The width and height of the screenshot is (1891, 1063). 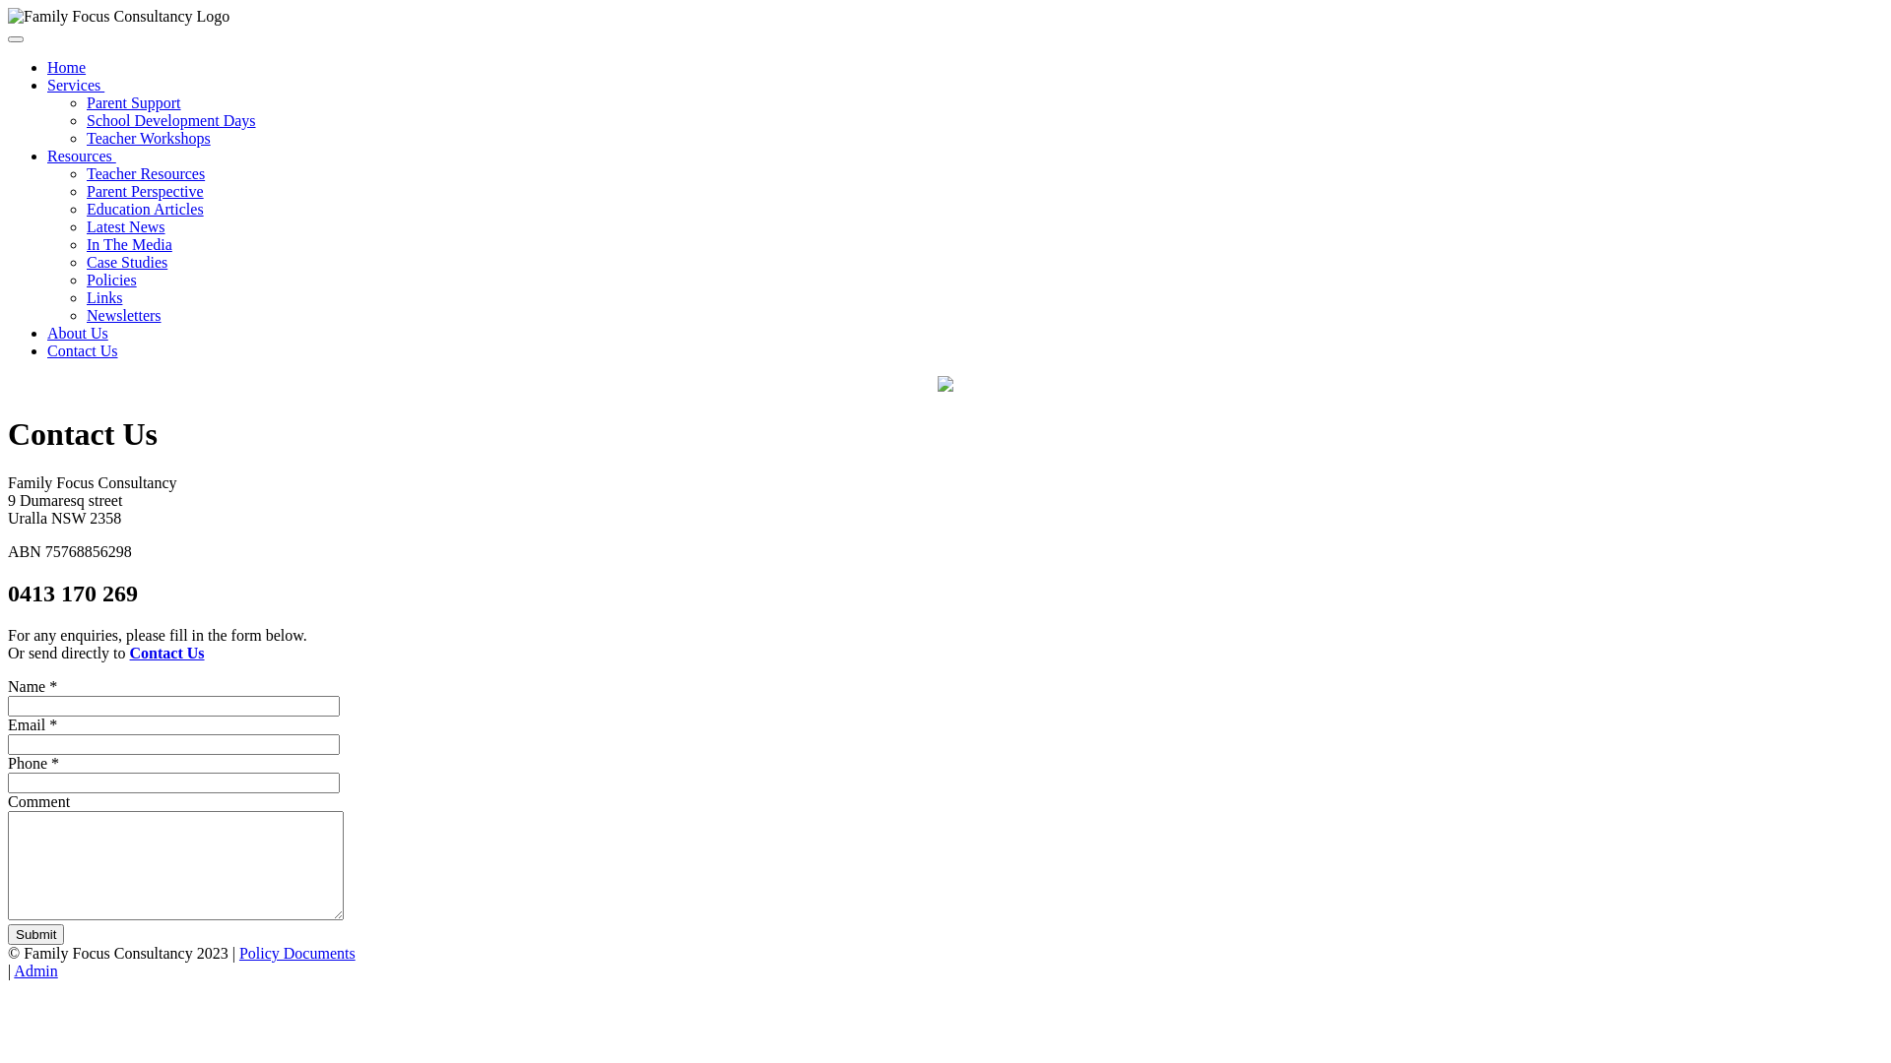 What do you see at coordinates (85, 120) in the screenshot?
I see `'School Development Days'` at bounding box center [85, 120].